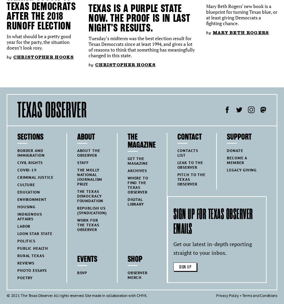 The height and width of the screenshot is (304, 284). Describe the element at coordinates (87, 258) in the screenshot. I see `'Events'` at that location.